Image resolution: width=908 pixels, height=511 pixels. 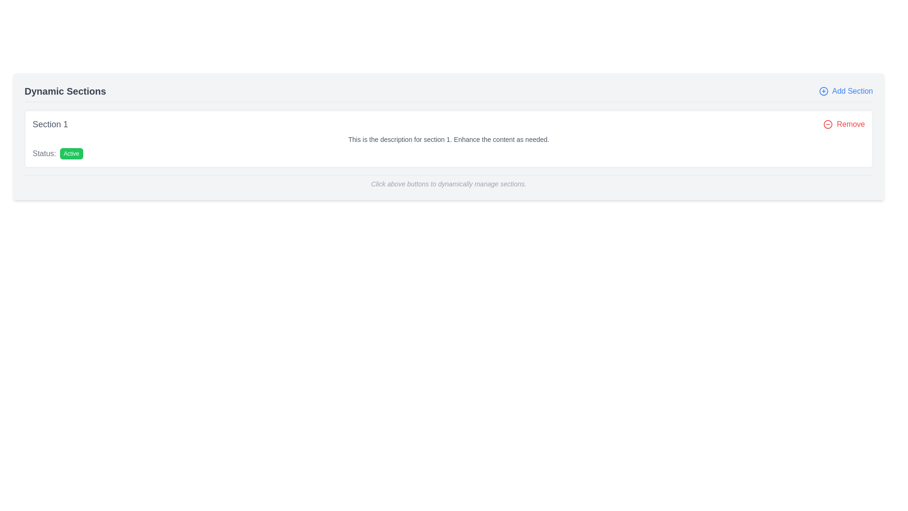 I want to click on the 'Dynamic Sections' Text Label (Header) element, which displays the text in bold, large font at the top-left area of the layout, so click(x=65, y=91).